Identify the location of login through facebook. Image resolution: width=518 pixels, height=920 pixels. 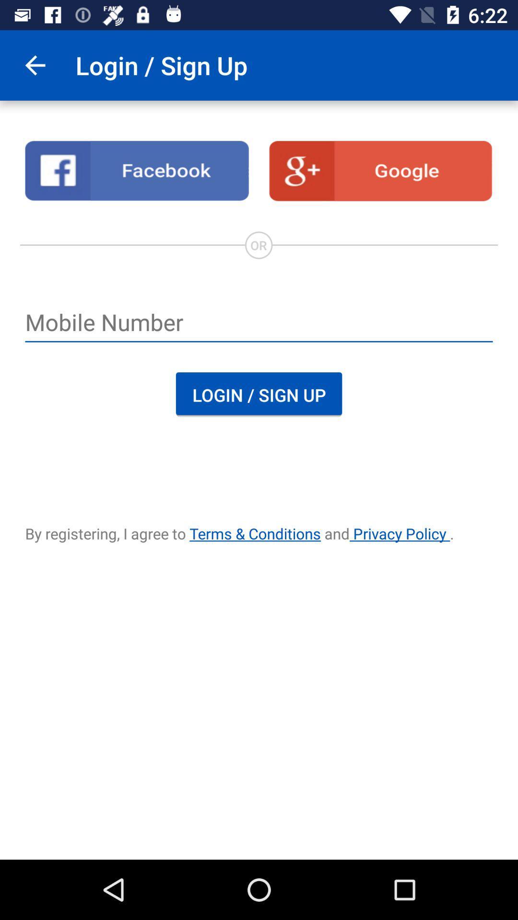
(137, 171).